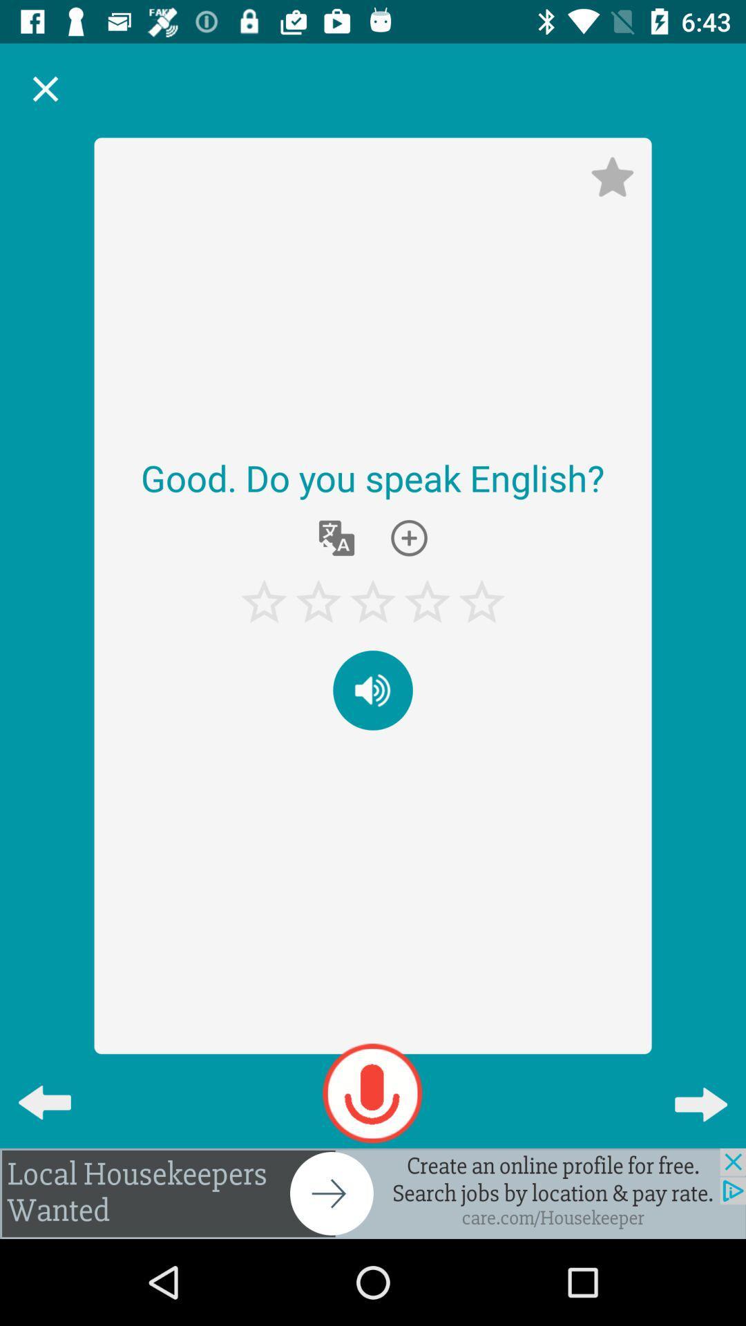  What do you see at coordinates (611, 176) in the screenshot?
I see `the star icon` at bounding box center [611, 176].